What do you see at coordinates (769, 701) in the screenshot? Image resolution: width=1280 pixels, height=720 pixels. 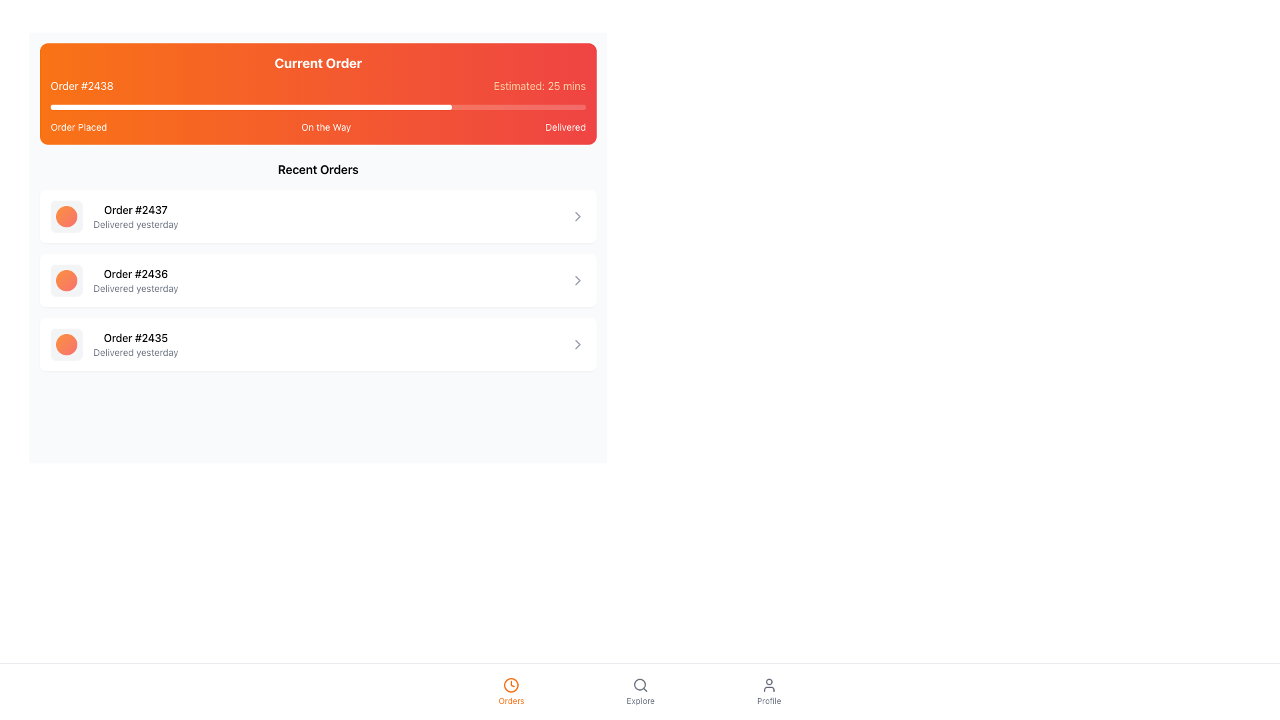 I see `the small gray text label labeled 'Profile' located at the bottom-right corner of the interface, part of the navigation menu below the user icon` at bounding box center [769, 701].